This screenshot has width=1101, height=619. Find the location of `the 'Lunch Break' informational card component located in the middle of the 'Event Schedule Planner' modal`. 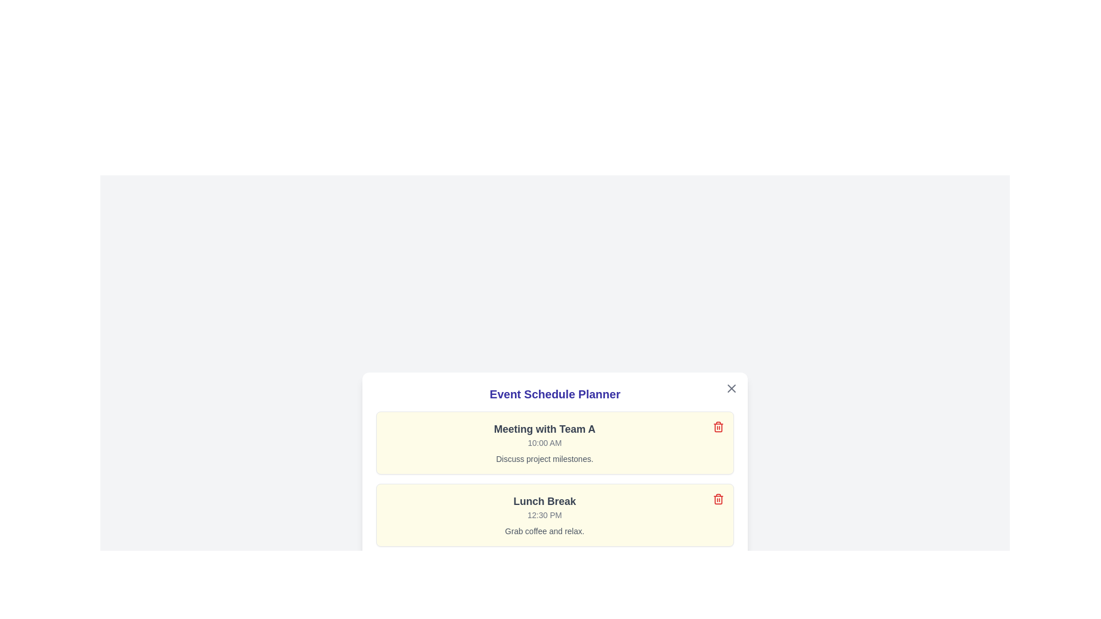

the 'Lunch Break' informational card component located in the middle of the 'Event Schedule Planner' modal is located at coordinates (555, 514).